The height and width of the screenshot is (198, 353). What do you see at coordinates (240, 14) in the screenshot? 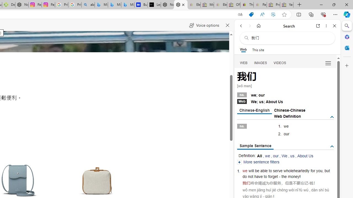
I see `'Show translate options'` at bounding box center [240, 14].